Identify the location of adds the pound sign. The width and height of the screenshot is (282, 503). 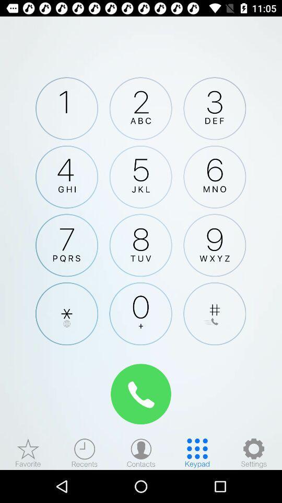
(214, 314).